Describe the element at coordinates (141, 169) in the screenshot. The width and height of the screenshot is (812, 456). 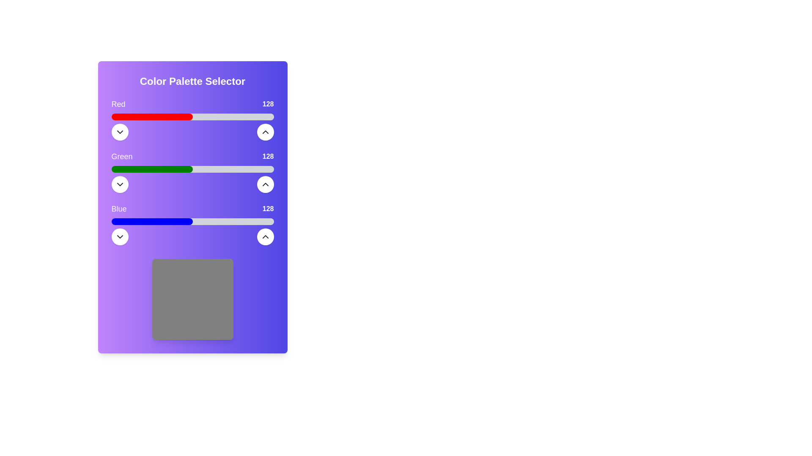
I see `the green color intensity` at that location.